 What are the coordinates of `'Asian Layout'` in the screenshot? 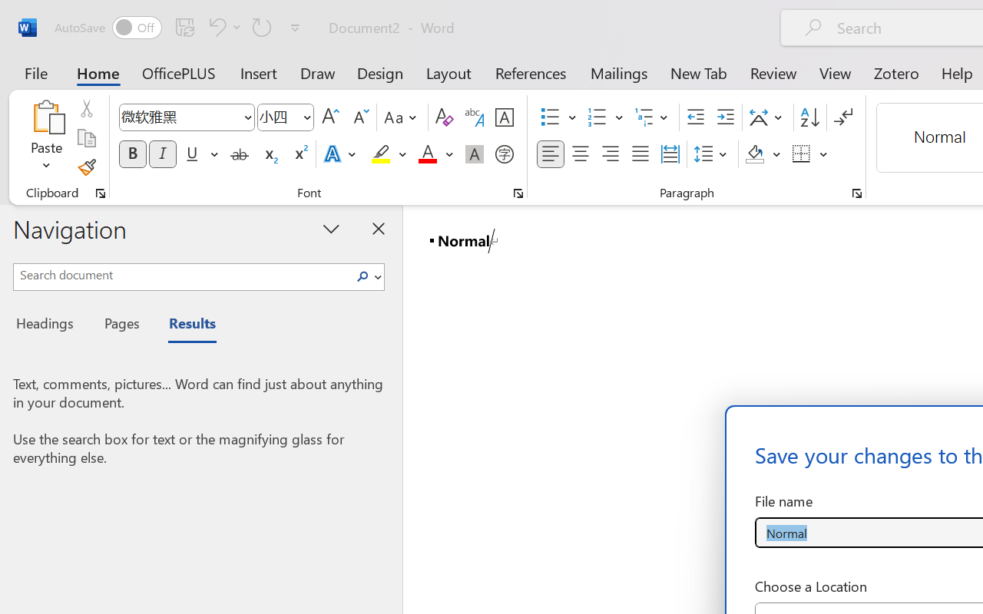 It's located at (768, 117).